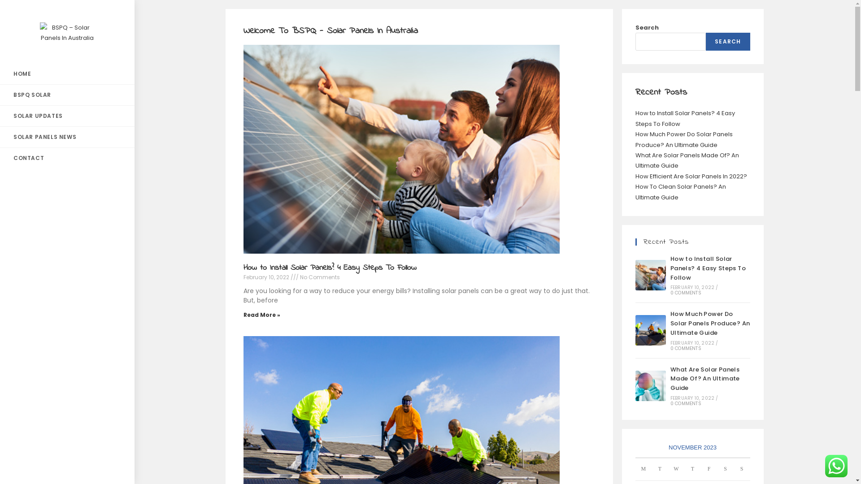 Image resolution: width=861 pixels, height=484 pixels. What do you see at coordinates (710, 323) in the screenshot?
I see `'How Much Power Do Solar Panels Produce? An Ultimate Guide'` at bounding box center [710, 323].